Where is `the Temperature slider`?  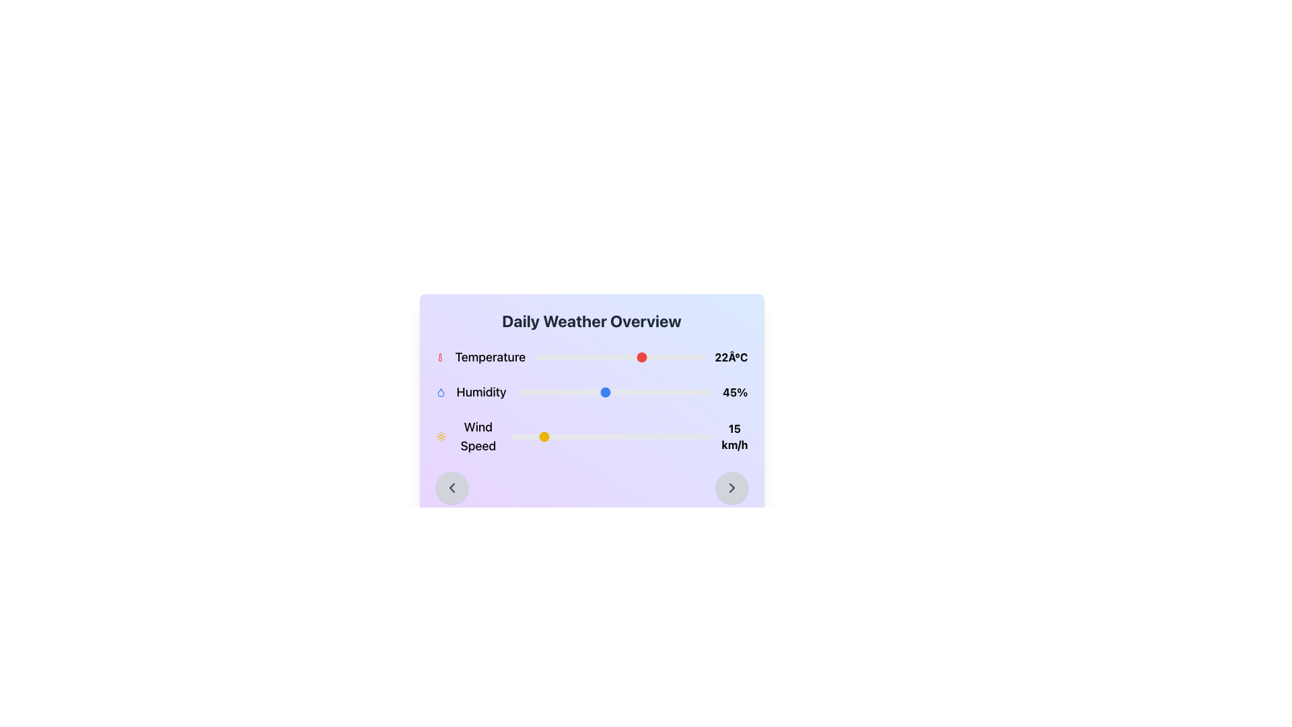
the Temperature slider is located at coordinates (606, 357).